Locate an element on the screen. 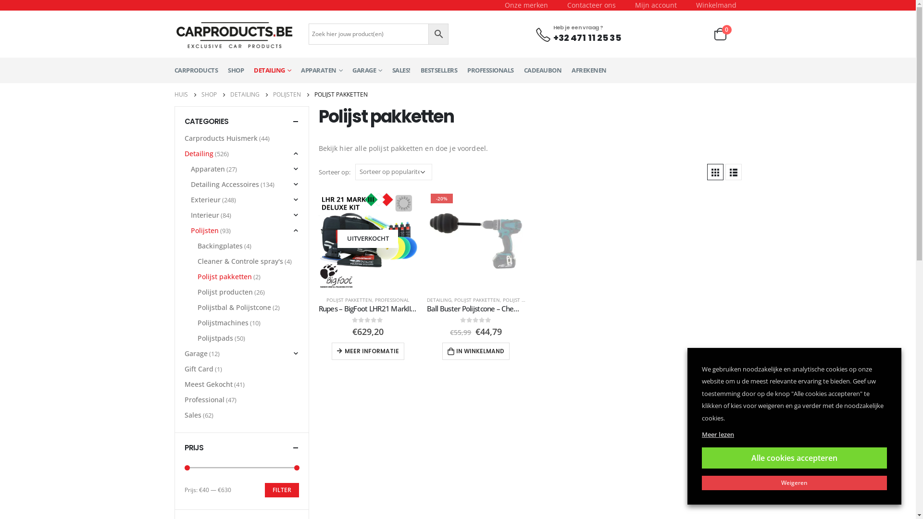 The width and height of the screenshot is (923, 519). 'CARPRODUCTS' is located at coordinates (195, 70).